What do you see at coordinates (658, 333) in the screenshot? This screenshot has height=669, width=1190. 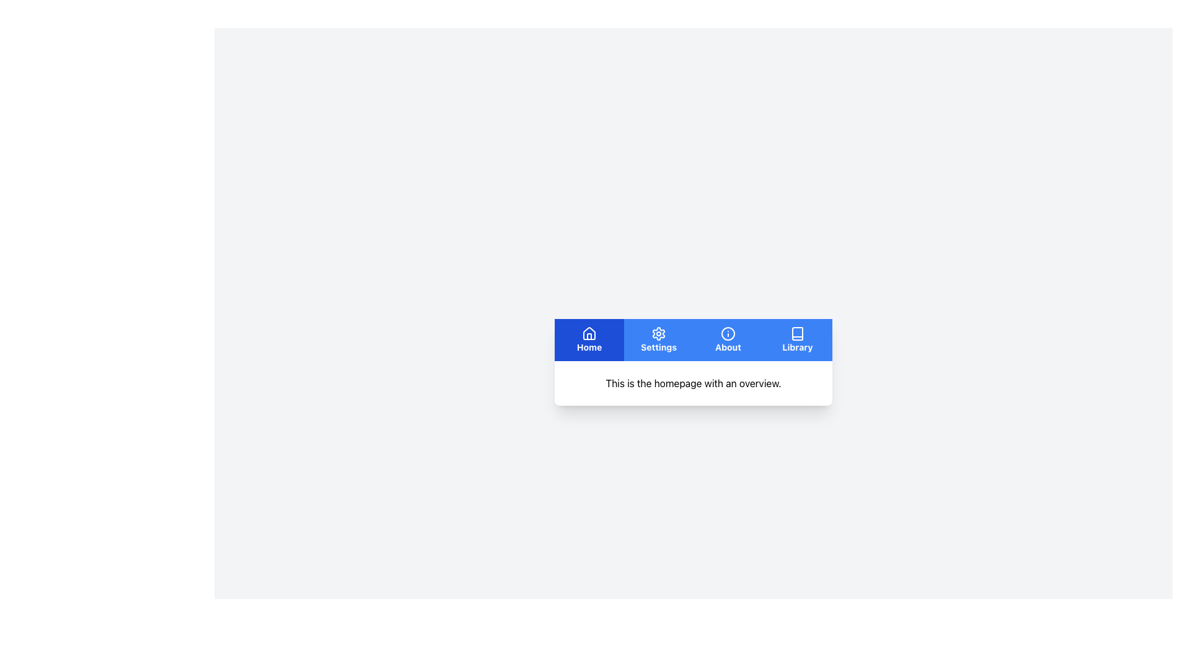 I see `the settings icon, represented as a gear symbol, located within the 'Settings' tab at the bottom navigation bar` at bounding box center [658, 333].